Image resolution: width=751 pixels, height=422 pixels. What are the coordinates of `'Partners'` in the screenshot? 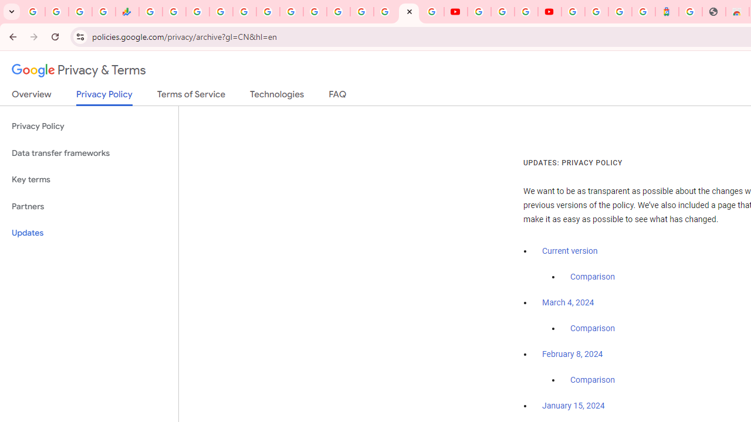 It's located at (89, 206).